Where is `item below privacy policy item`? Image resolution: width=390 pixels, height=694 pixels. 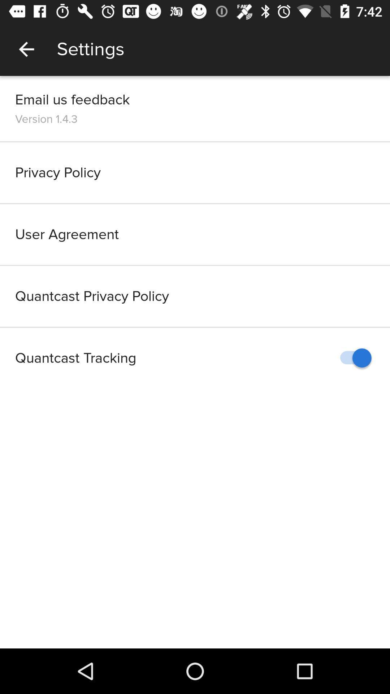
item below privacy policy item is located at coordinates (195, 234).